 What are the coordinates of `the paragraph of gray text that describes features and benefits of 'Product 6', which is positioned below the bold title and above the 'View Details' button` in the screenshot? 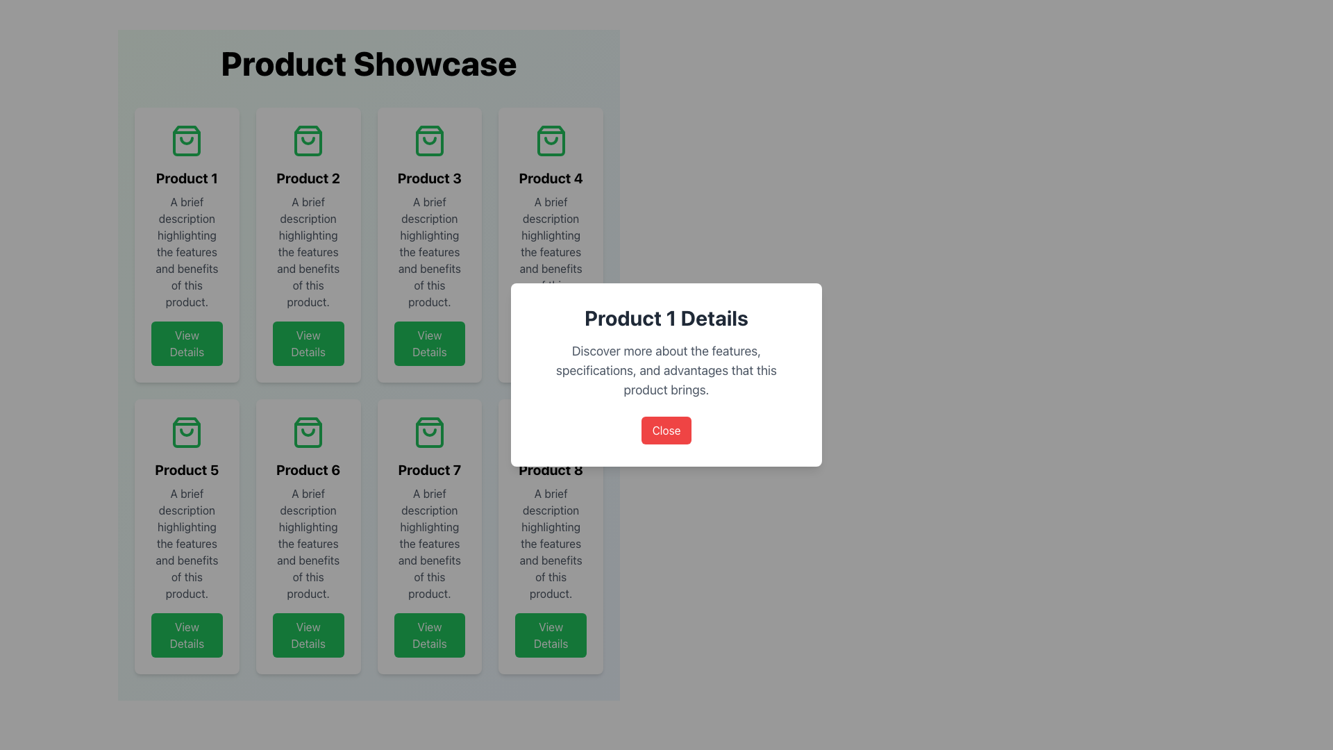 It's located at (308, 543).